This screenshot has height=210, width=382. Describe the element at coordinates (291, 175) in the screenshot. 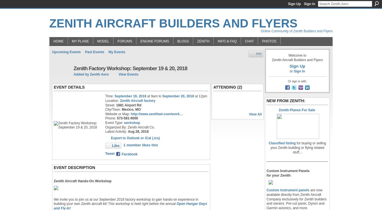

I see `':'` at that location.